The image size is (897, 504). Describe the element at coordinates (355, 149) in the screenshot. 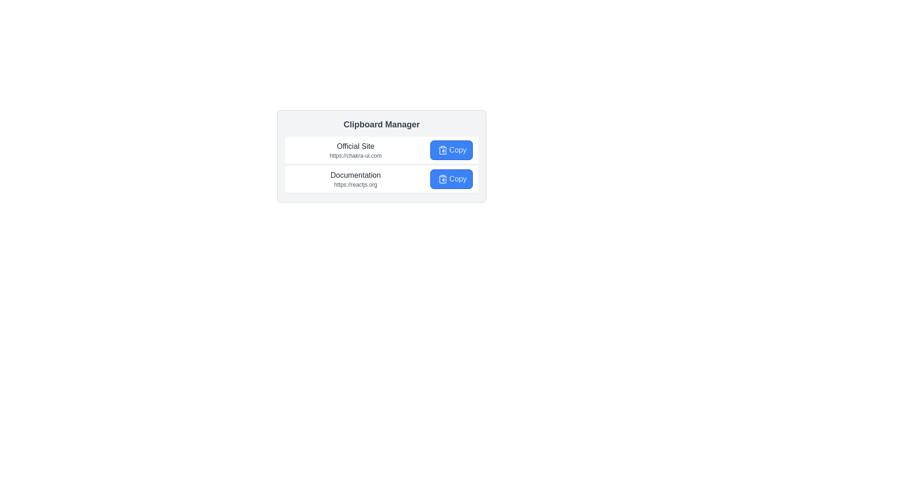

I see `static text display that shows the title and URL in the Clipboard Manager panel, located at the upper half of the panel` at that location.